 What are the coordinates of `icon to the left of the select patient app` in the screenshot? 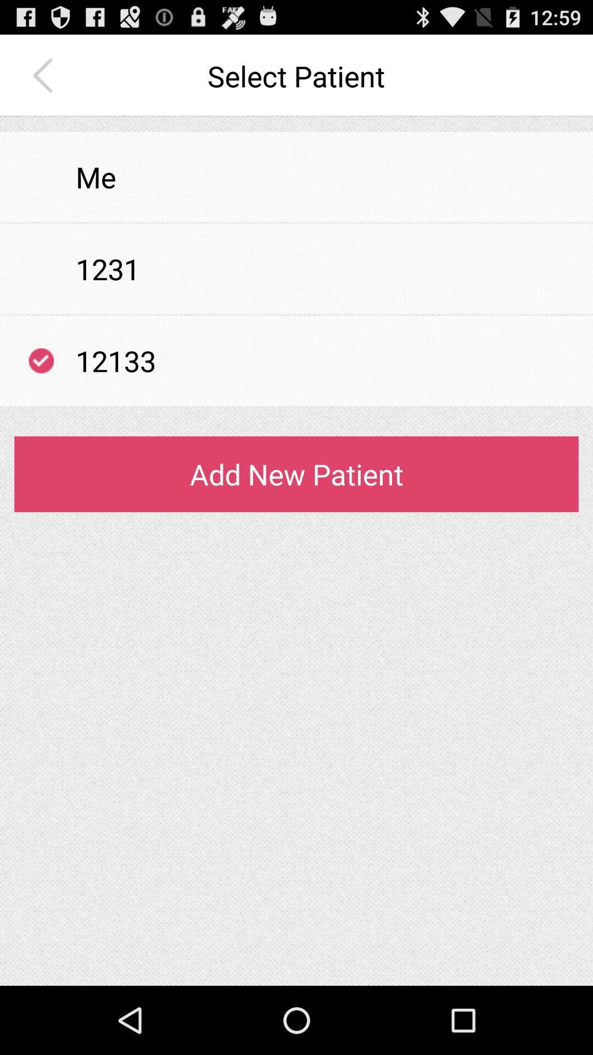 It's located at (45, 75).